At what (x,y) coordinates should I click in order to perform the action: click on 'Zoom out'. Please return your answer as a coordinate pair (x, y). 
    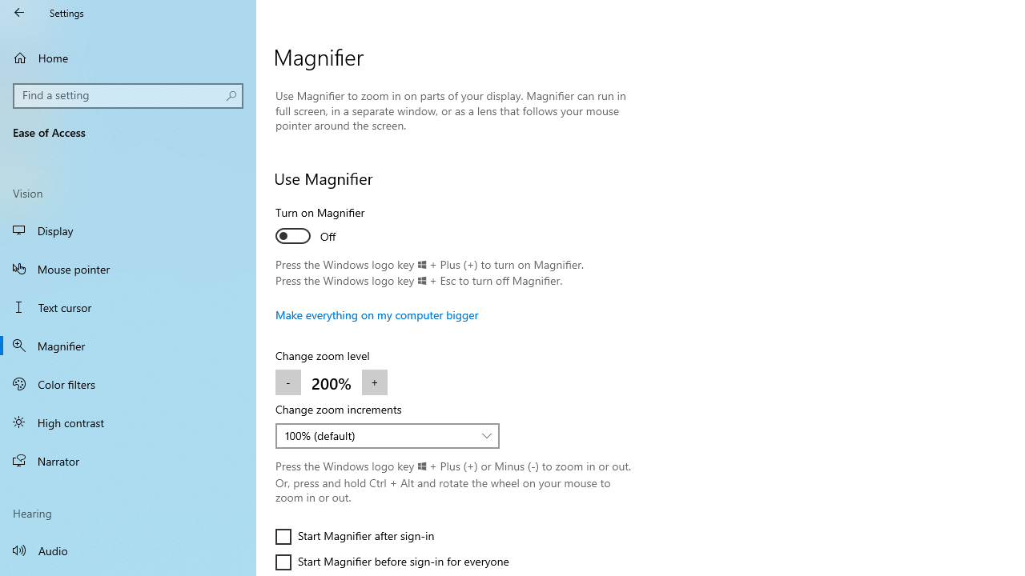
    Looking at the image, I should click on (288, 382).